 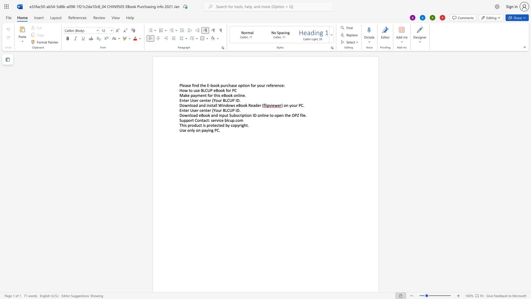 I want to click on the subset text "ervic" within the text "Support Contact: service", so click(x=212, y=120).